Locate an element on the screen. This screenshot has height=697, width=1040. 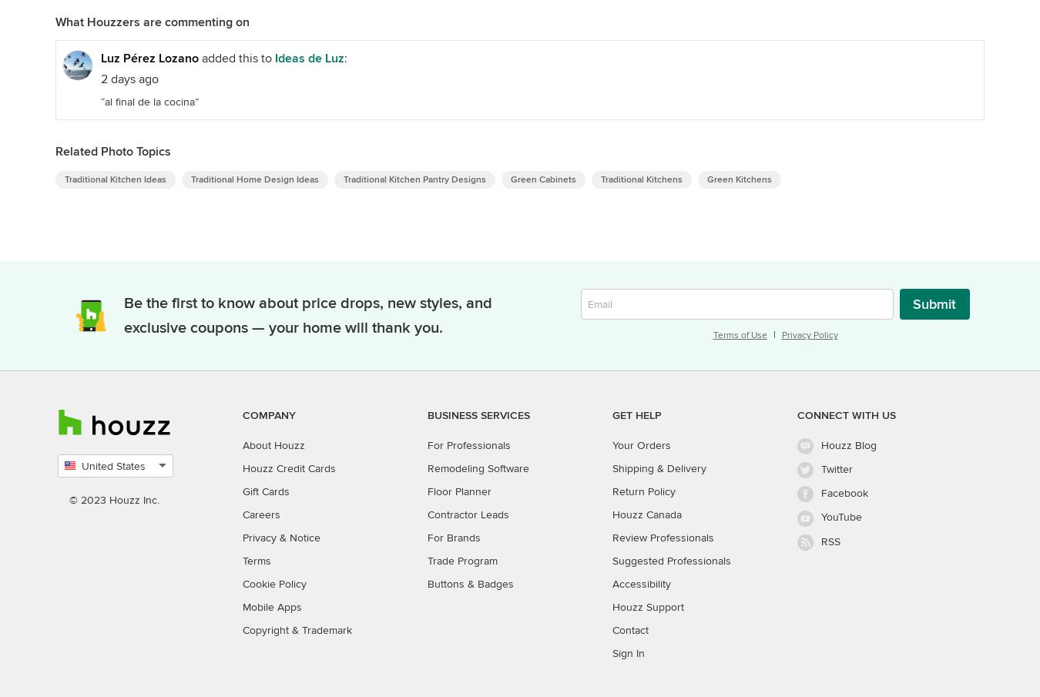
'Shipping & Delivery' is located at coordinates (659, 467).